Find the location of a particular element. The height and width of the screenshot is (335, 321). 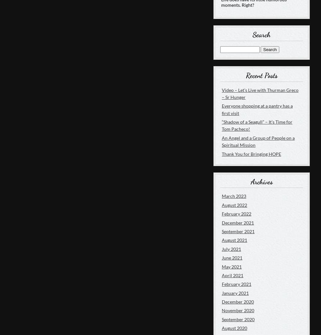

'November 2020' is located at coordinates (238, 310).